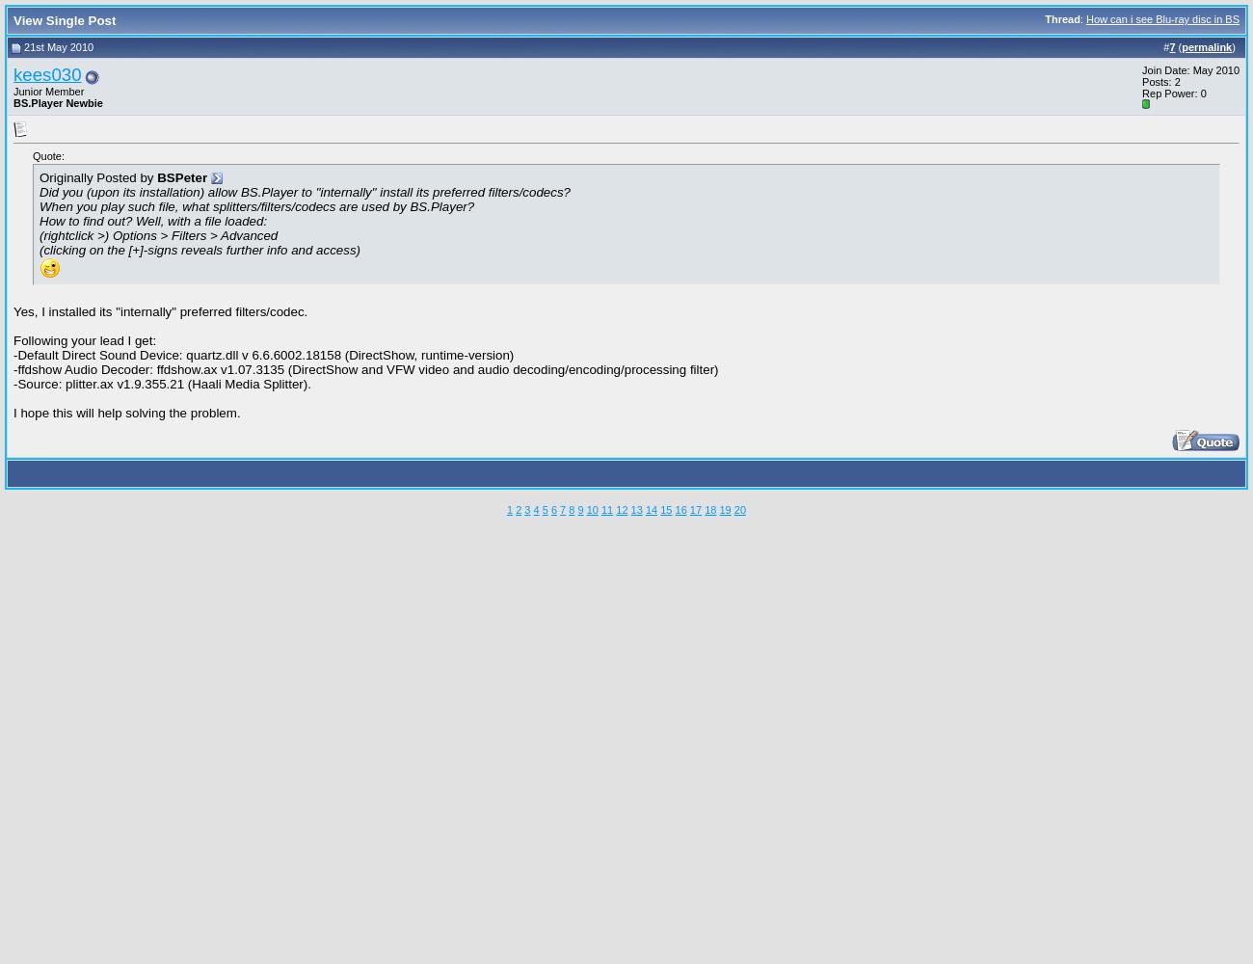  What do you see at coordinates (629, 509) in the screenshot?
I see `'13'` at bounding box center [629, 509].